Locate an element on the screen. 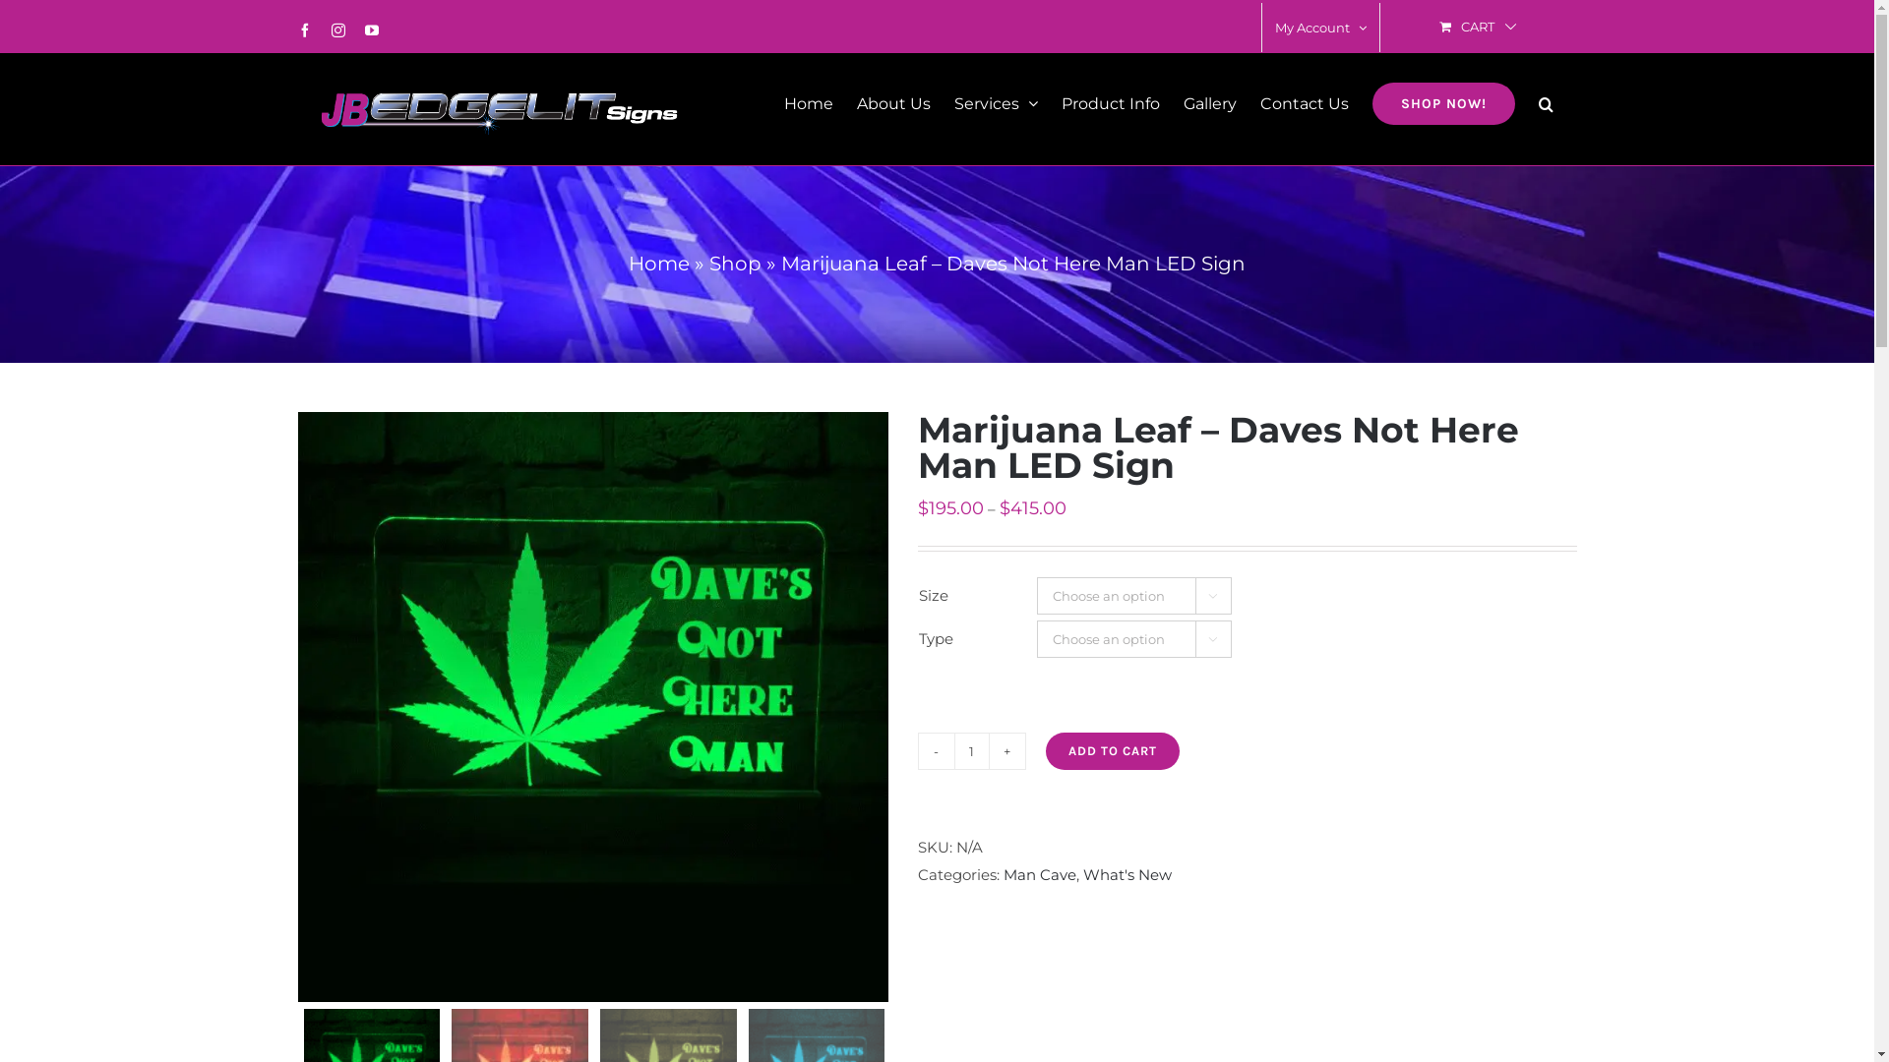  'Instagram' is located at coordinates (331, 29).